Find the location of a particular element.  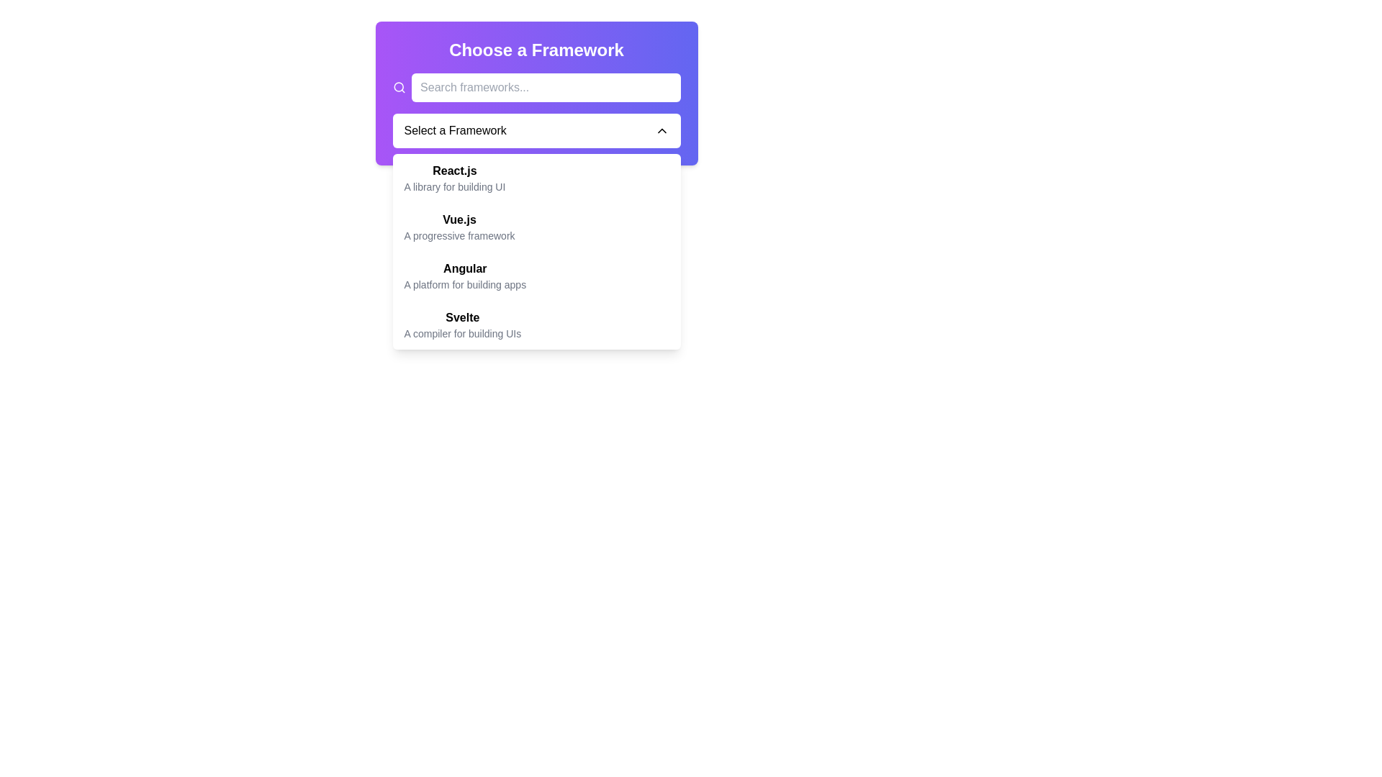

the 'React.js' menu item in the dropdown menu under 'Select a Framework' is located at coordinates (536, 177).